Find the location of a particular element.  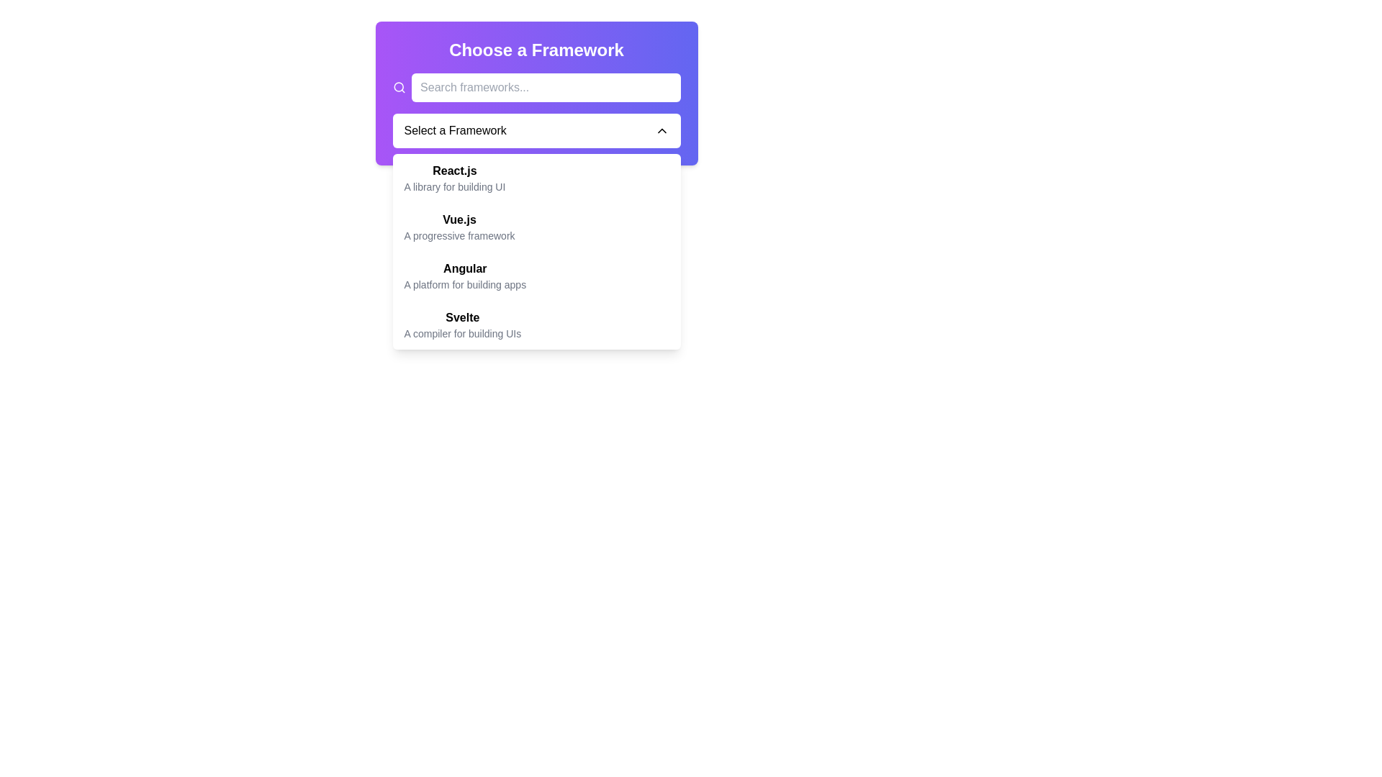

the 'React.js' menu item in the dropdown menu under 'Select a Framework' is located at coordinates (536, 177).